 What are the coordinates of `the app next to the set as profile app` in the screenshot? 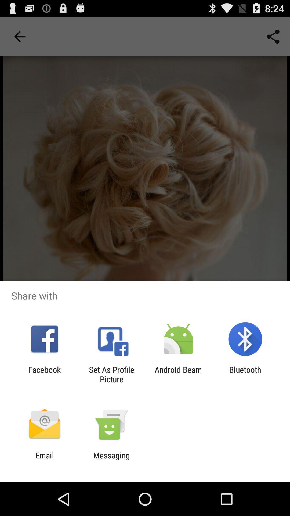 It's located at (178, 374).